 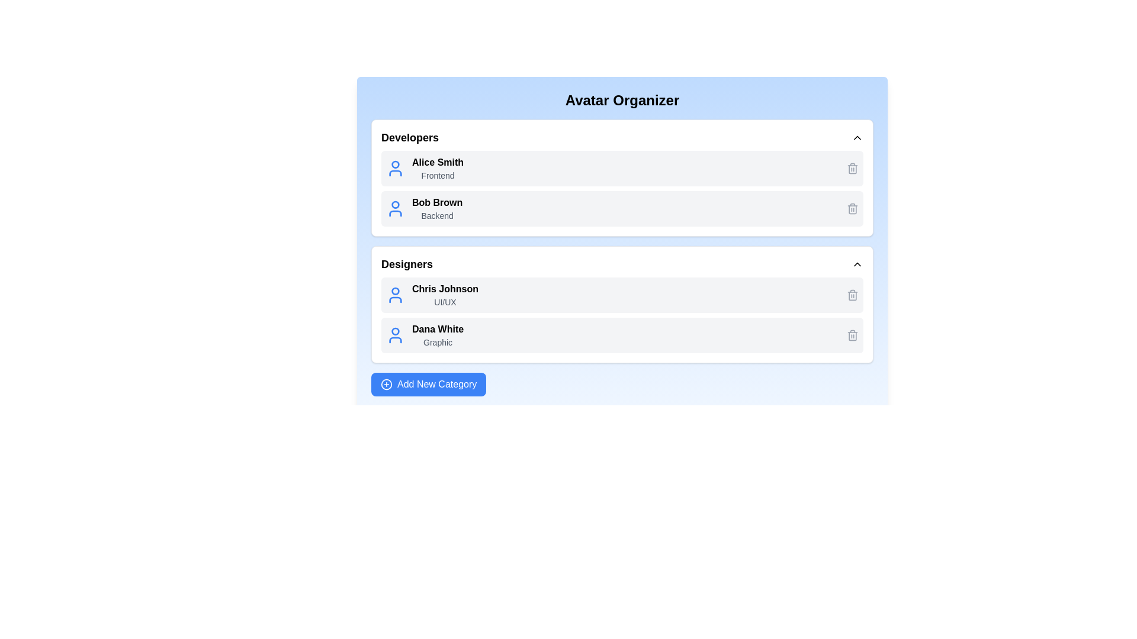 What do you see at coordinates (386, 385) in the screenshot?
I see `the surrounding area of the icon within the 'Add New Category' button, positioned at the bottom-left corner of the layout` at bounding box center [386, 385].